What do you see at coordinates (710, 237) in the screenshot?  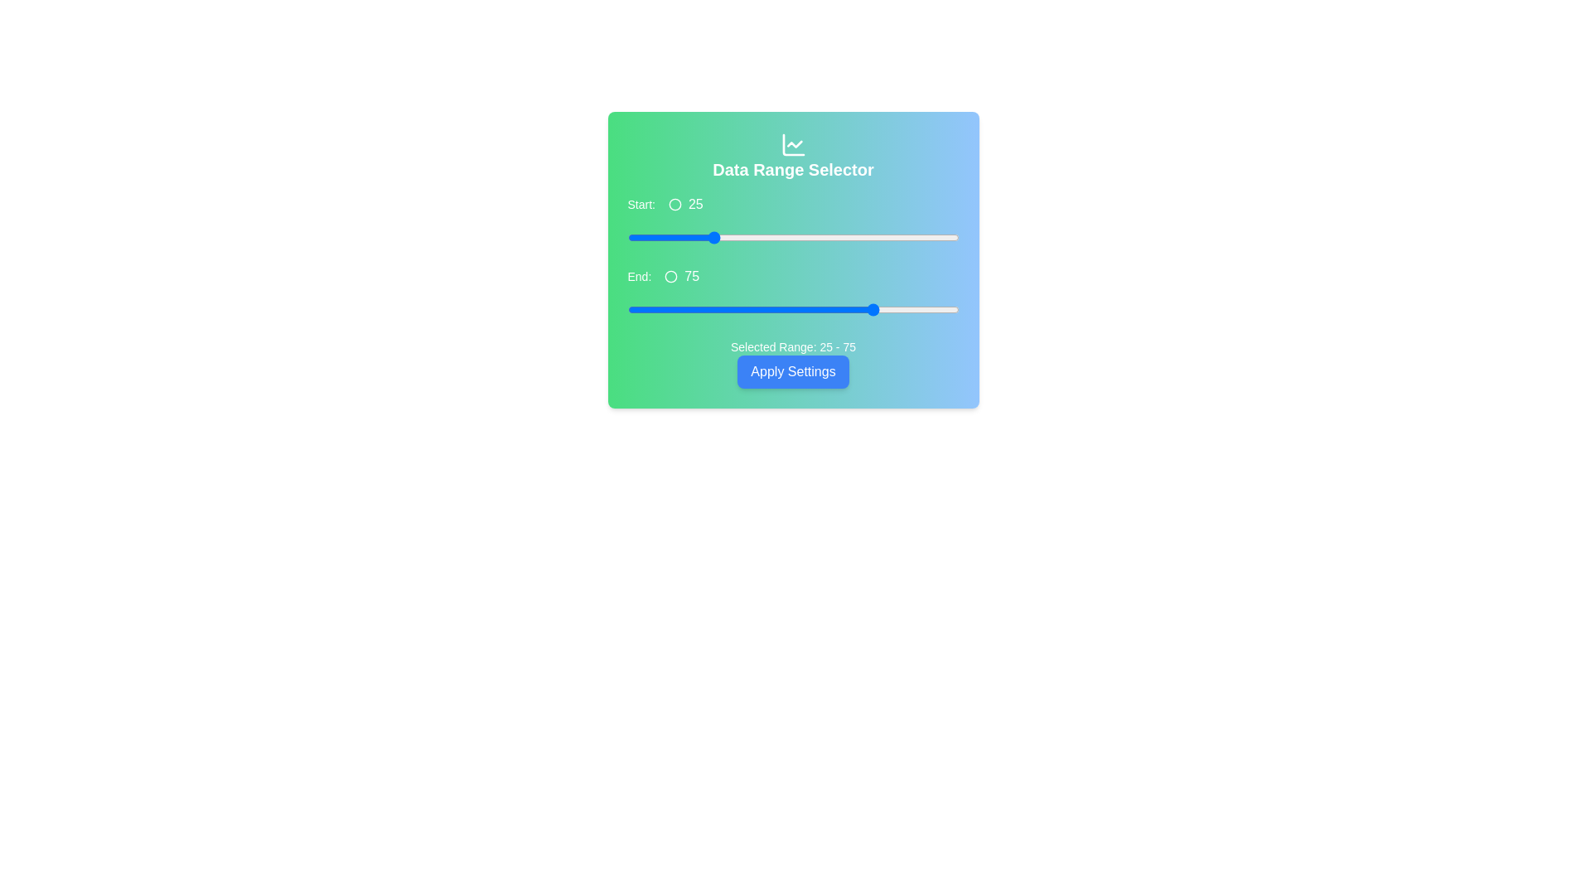 I see `the slider` at bounding box center [710, 237].